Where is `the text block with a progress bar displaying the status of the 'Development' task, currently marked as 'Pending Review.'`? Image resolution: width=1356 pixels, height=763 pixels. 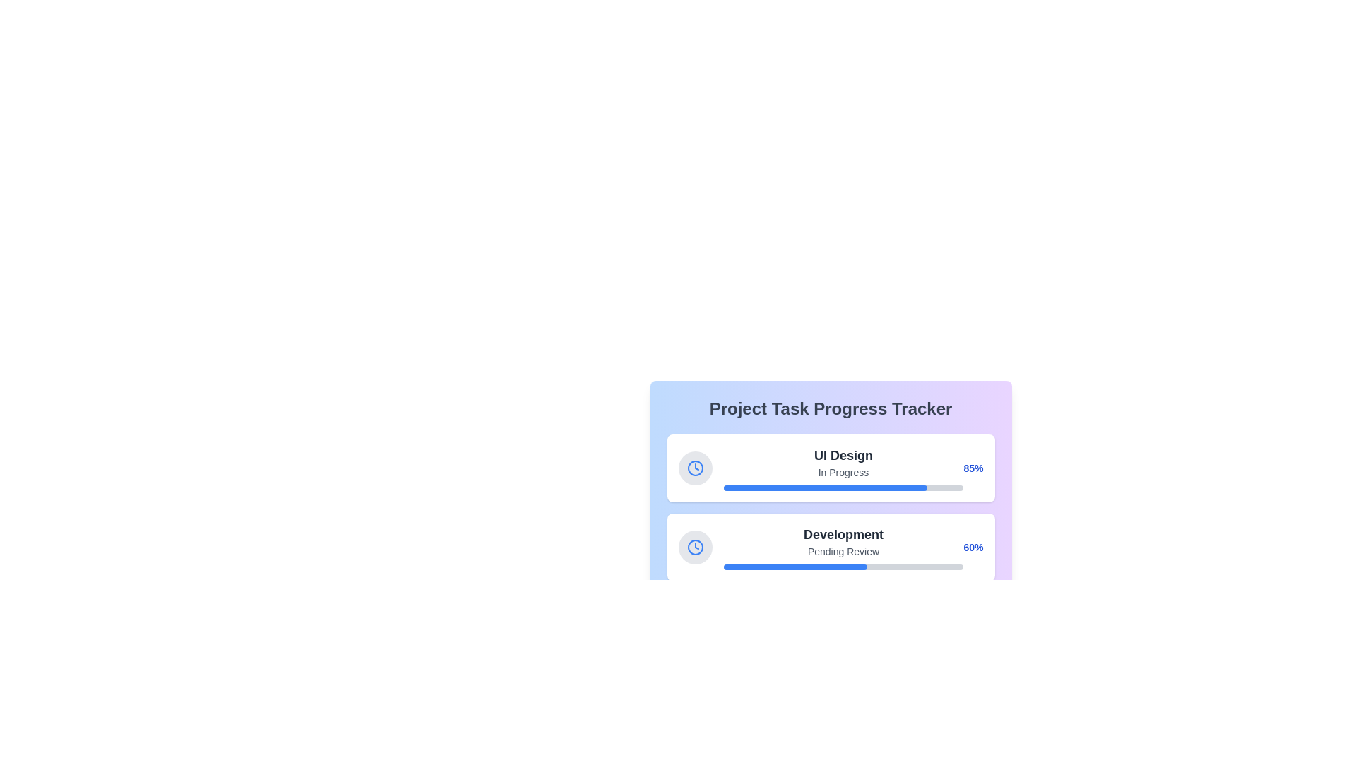 the text block with a progress bar displaying the status of the 'Development' task, currently marked as 'Pending Review.' is located at coordinates (843, 547).